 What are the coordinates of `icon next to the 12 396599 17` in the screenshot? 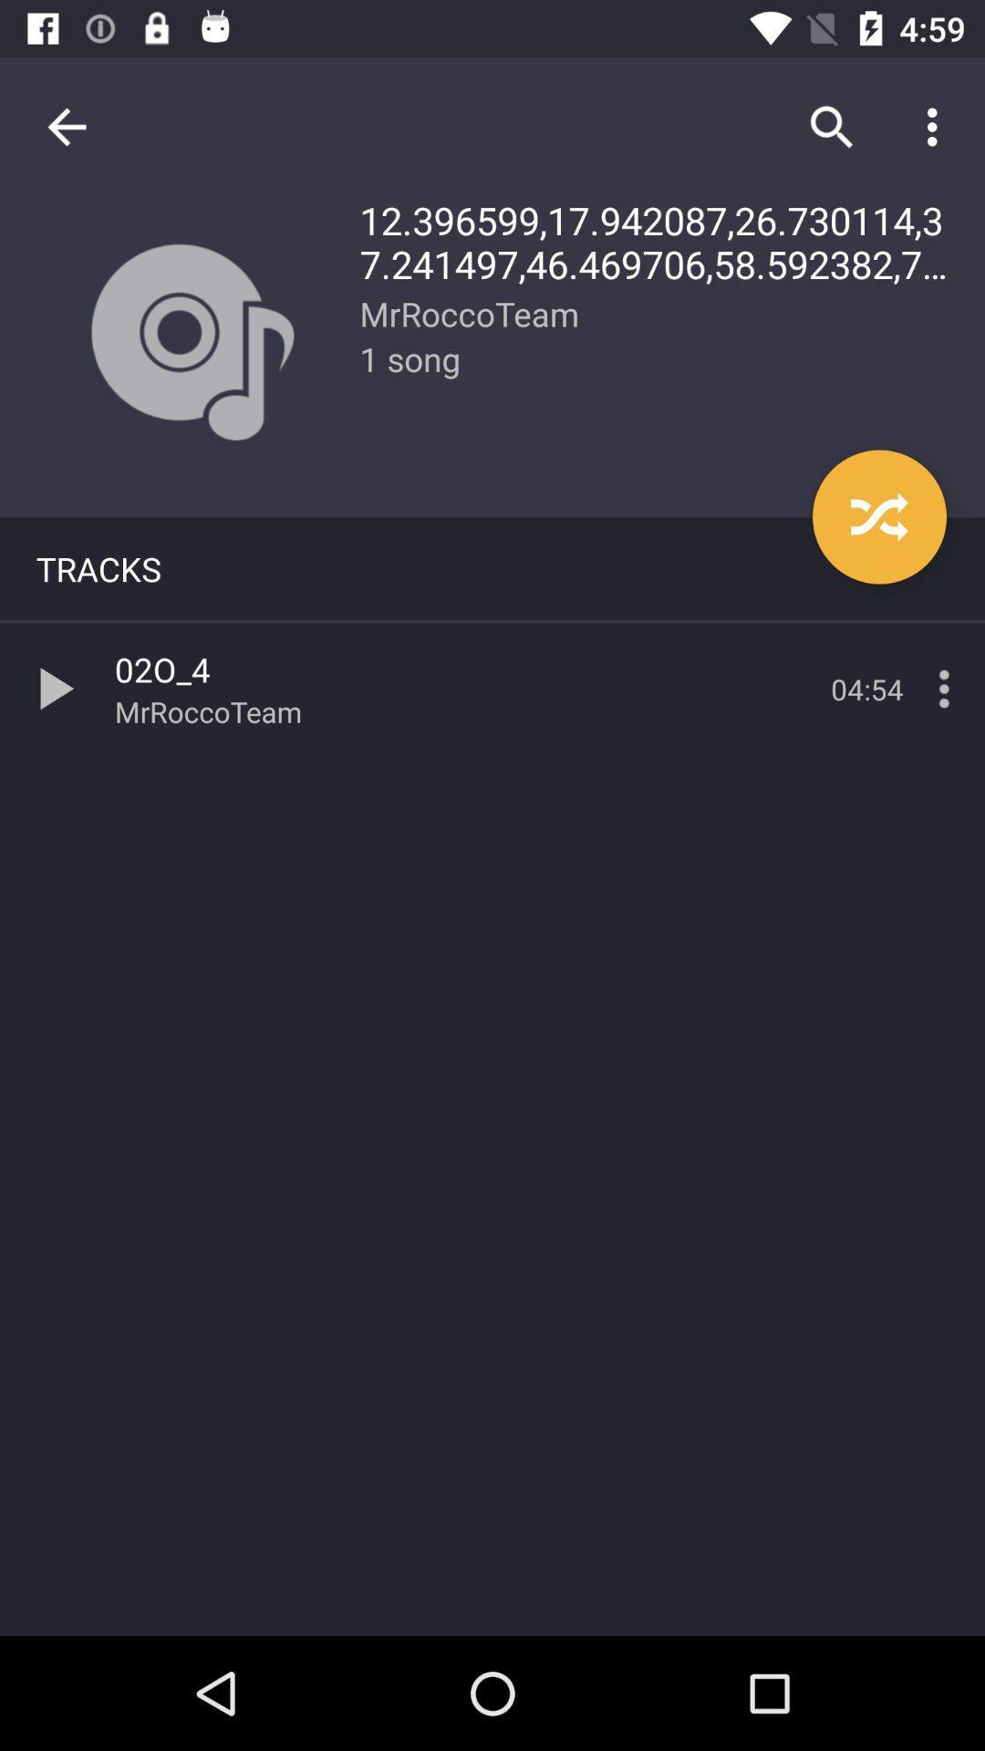 It's located at (66, 126).